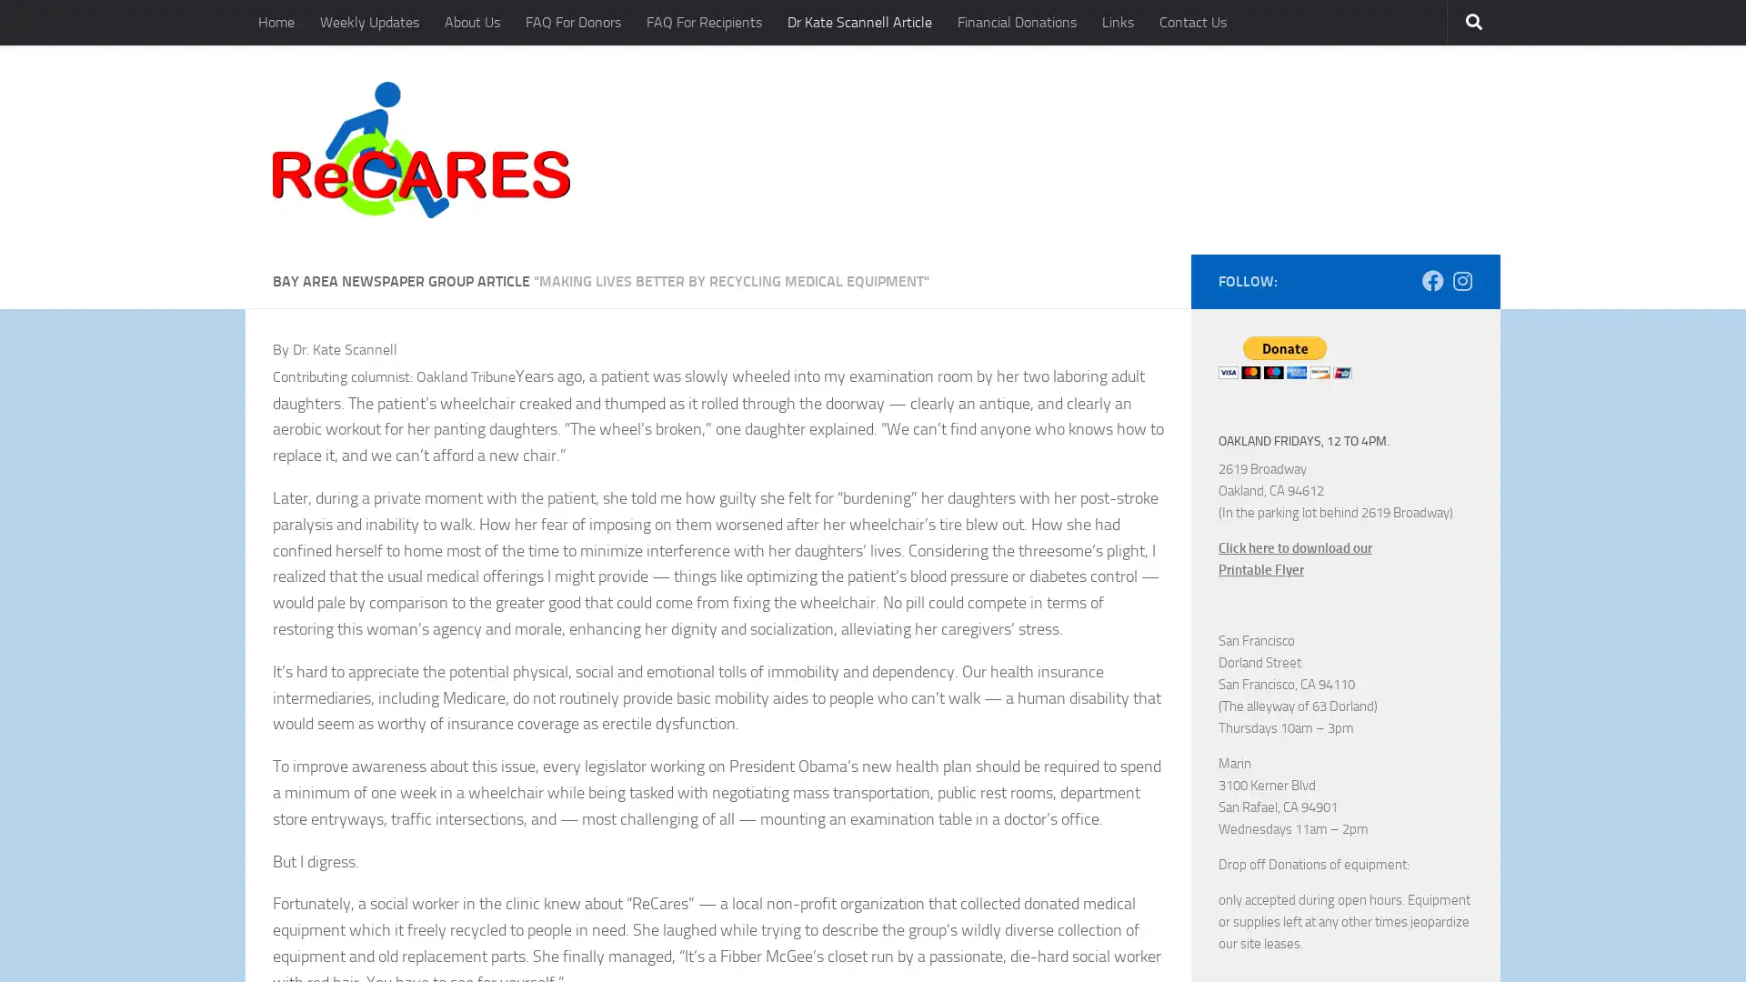 The height and width of the screenshot is (982, 1746). What do you see at coordinates (1284, 356) in the screenshot?
I see `Donate with PayPal button` at bounding box center [1284, 356].